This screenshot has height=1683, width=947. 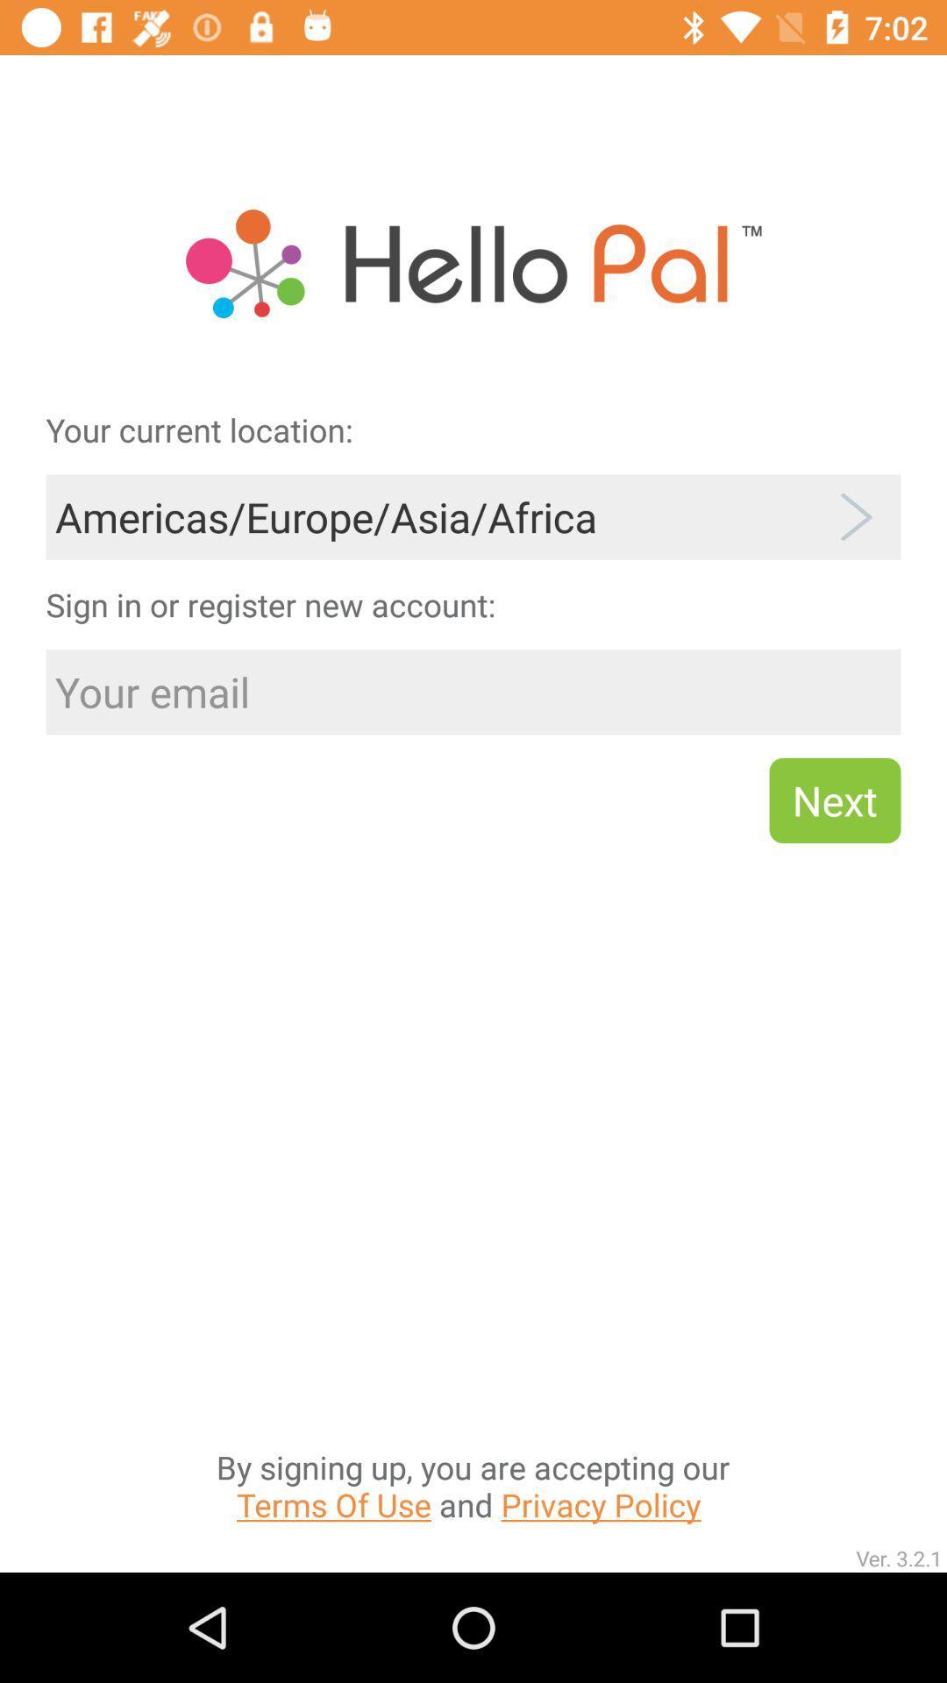 What do you see at coordinates (472, 1310) in the screenshot?
I see `the by signing up icon` at bounding box center [472, 1310].